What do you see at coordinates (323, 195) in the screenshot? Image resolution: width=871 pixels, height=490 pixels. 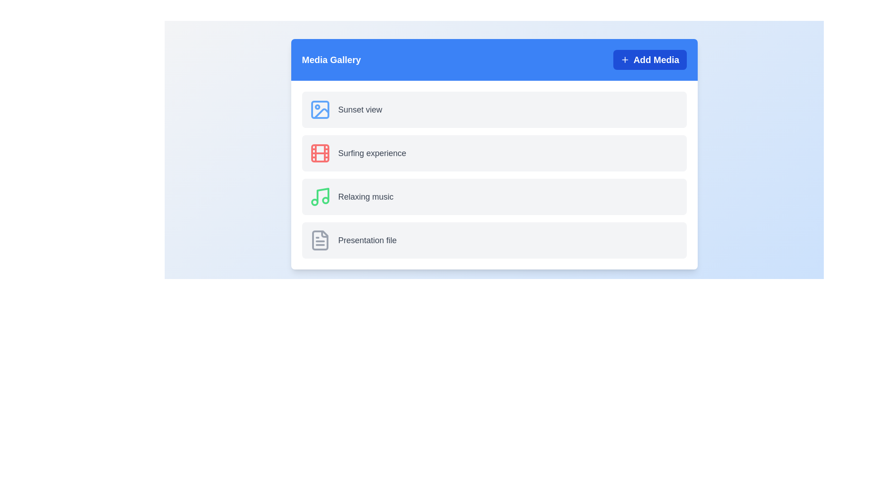 I see `the vertical slanted line resembling a musical note's stem within the green circular music icon for the 'Relaxing music' entry in the Media Gallery list` at bounding box center [323, 195].